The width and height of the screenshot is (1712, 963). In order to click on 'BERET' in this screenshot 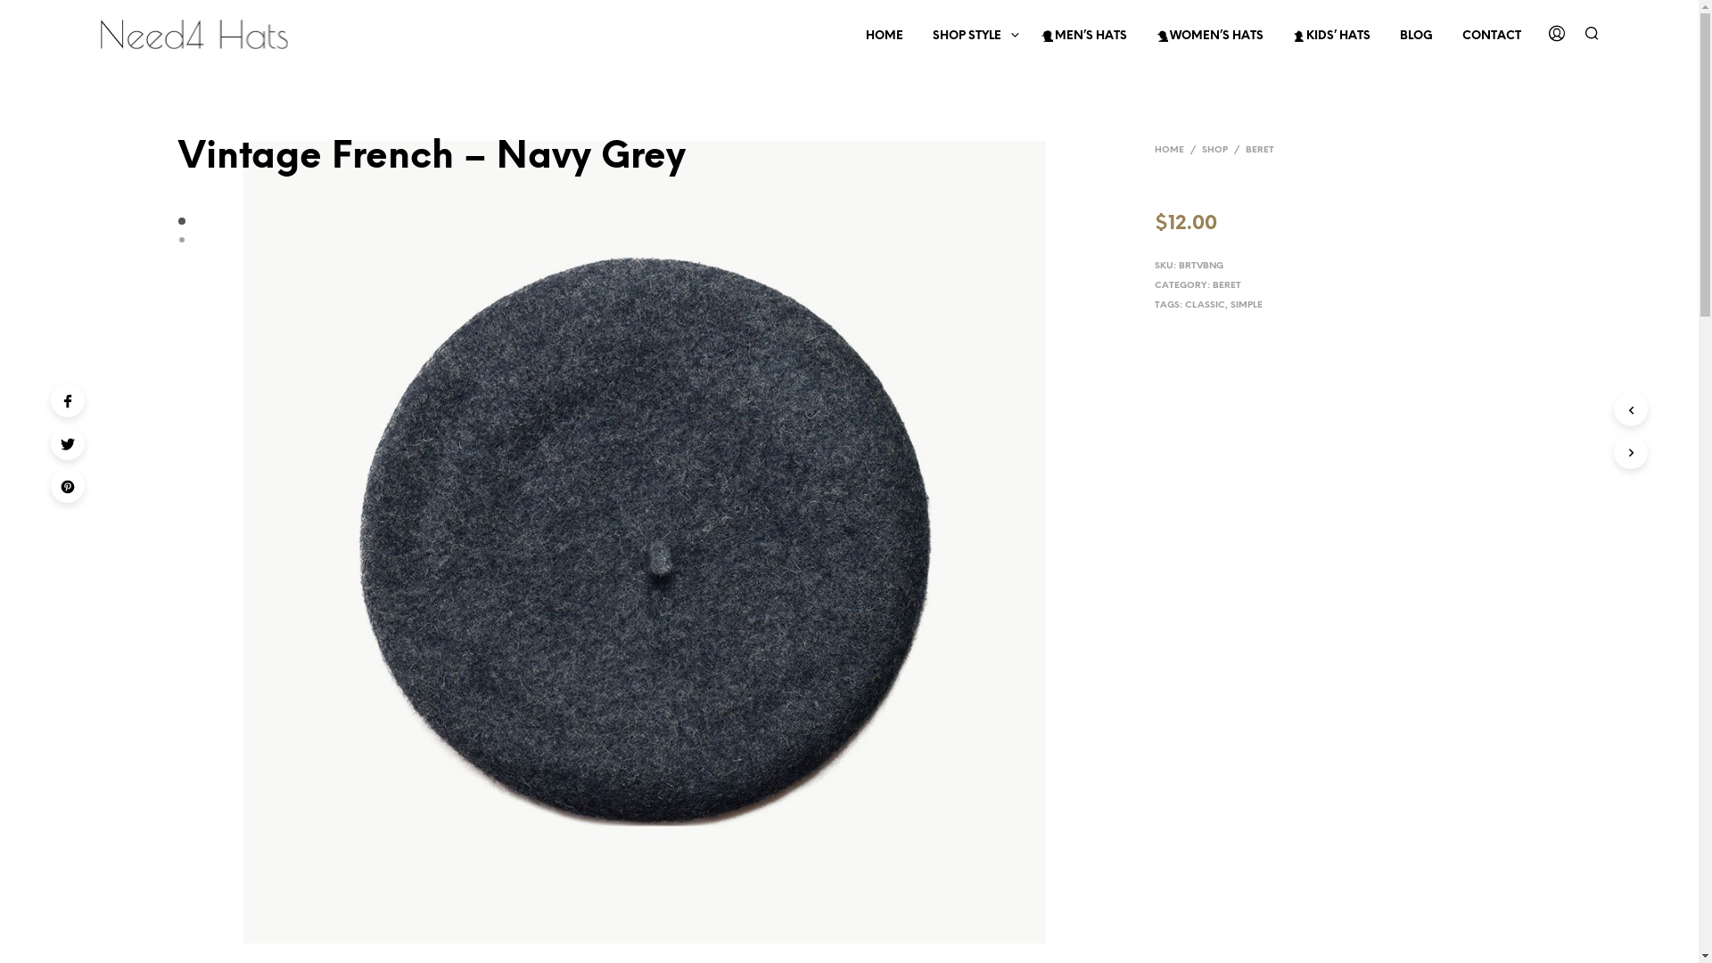, I will do `click(1212, 284)`.